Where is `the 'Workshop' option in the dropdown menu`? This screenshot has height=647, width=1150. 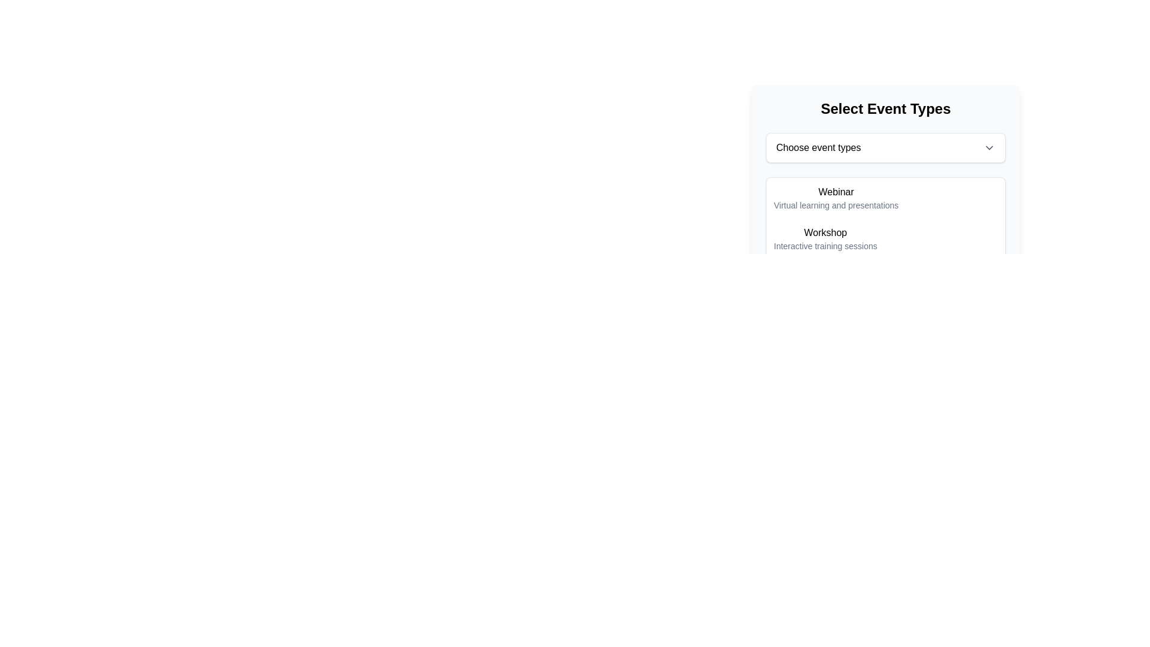 the 'Workshop' option in the dropdown menu is located at coordinates (885, 228).